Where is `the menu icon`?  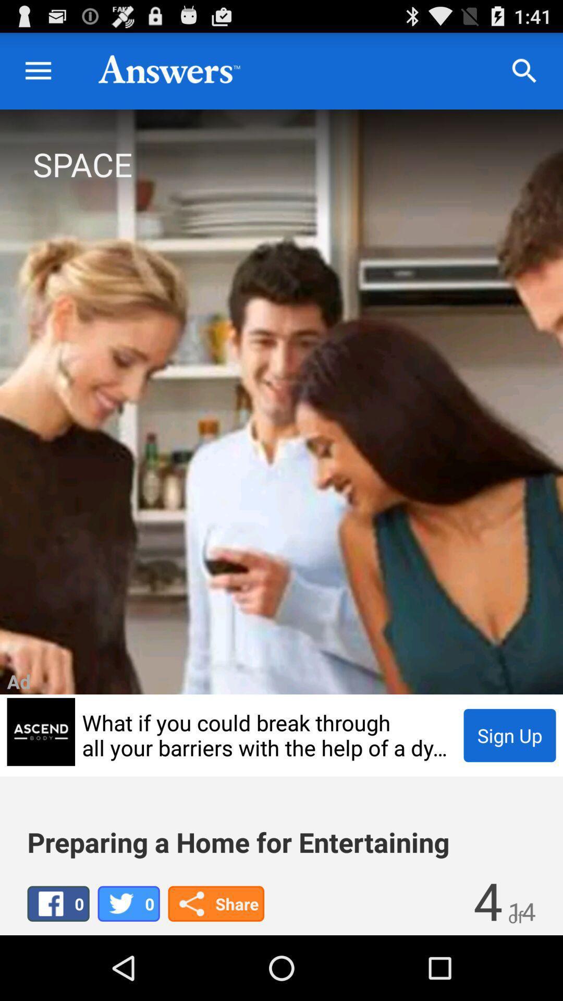
the menu icon is located at coordinates (38, 76).